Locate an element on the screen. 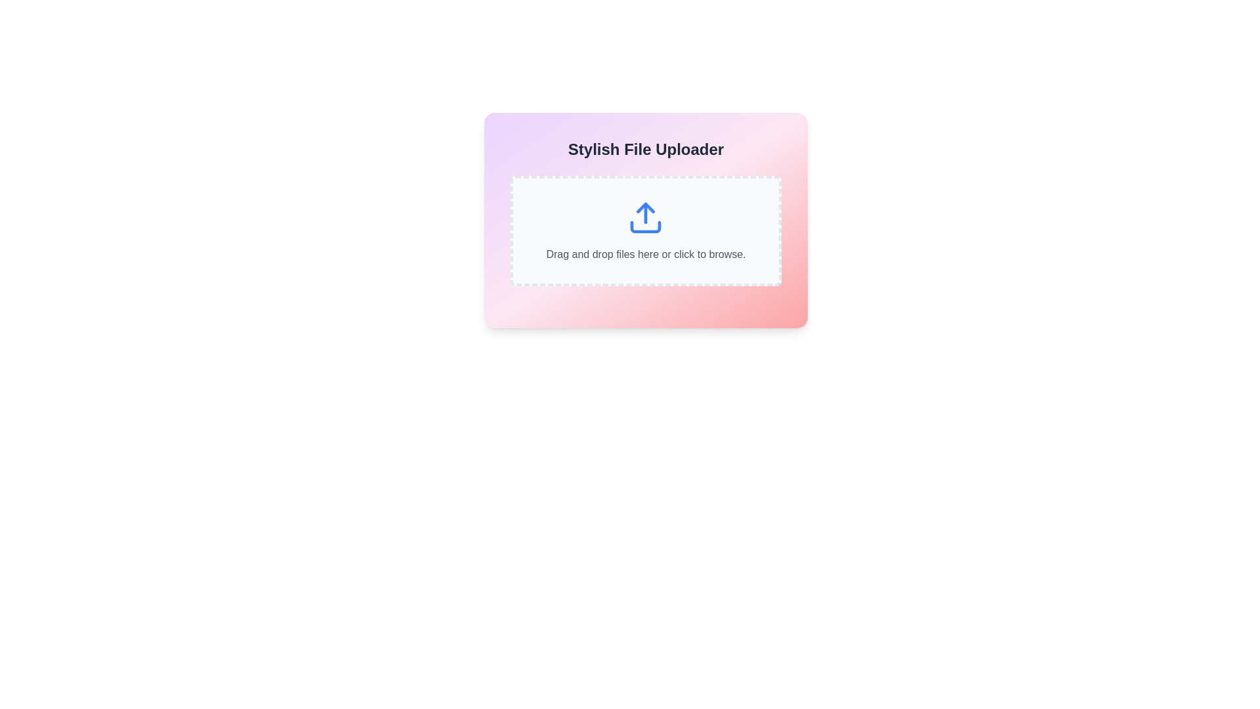 The width and height of the screenshot is (1260, 709). the File Uploader area is located at coordinates (646, 219).